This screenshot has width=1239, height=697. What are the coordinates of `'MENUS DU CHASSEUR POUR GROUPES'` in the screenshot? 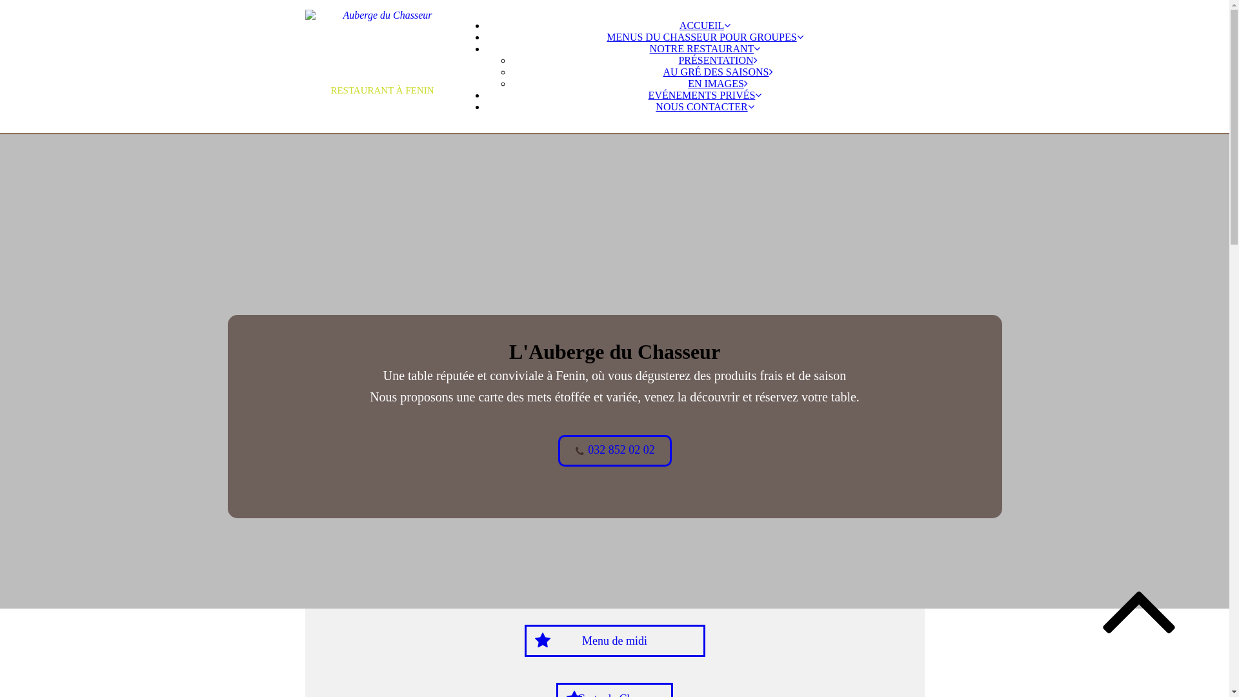 It's located at (703, 36).